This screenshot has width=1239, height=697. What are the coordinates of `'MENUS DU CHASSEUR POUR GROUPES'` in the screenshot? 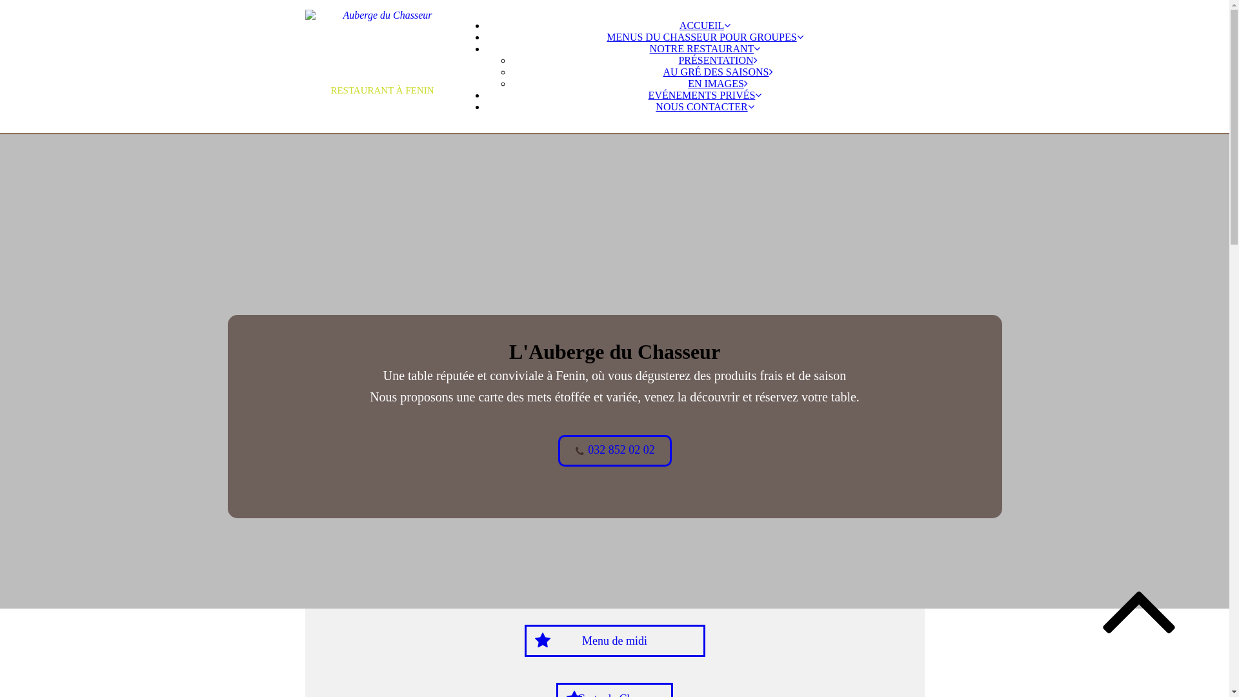 It's located at (703, 36).